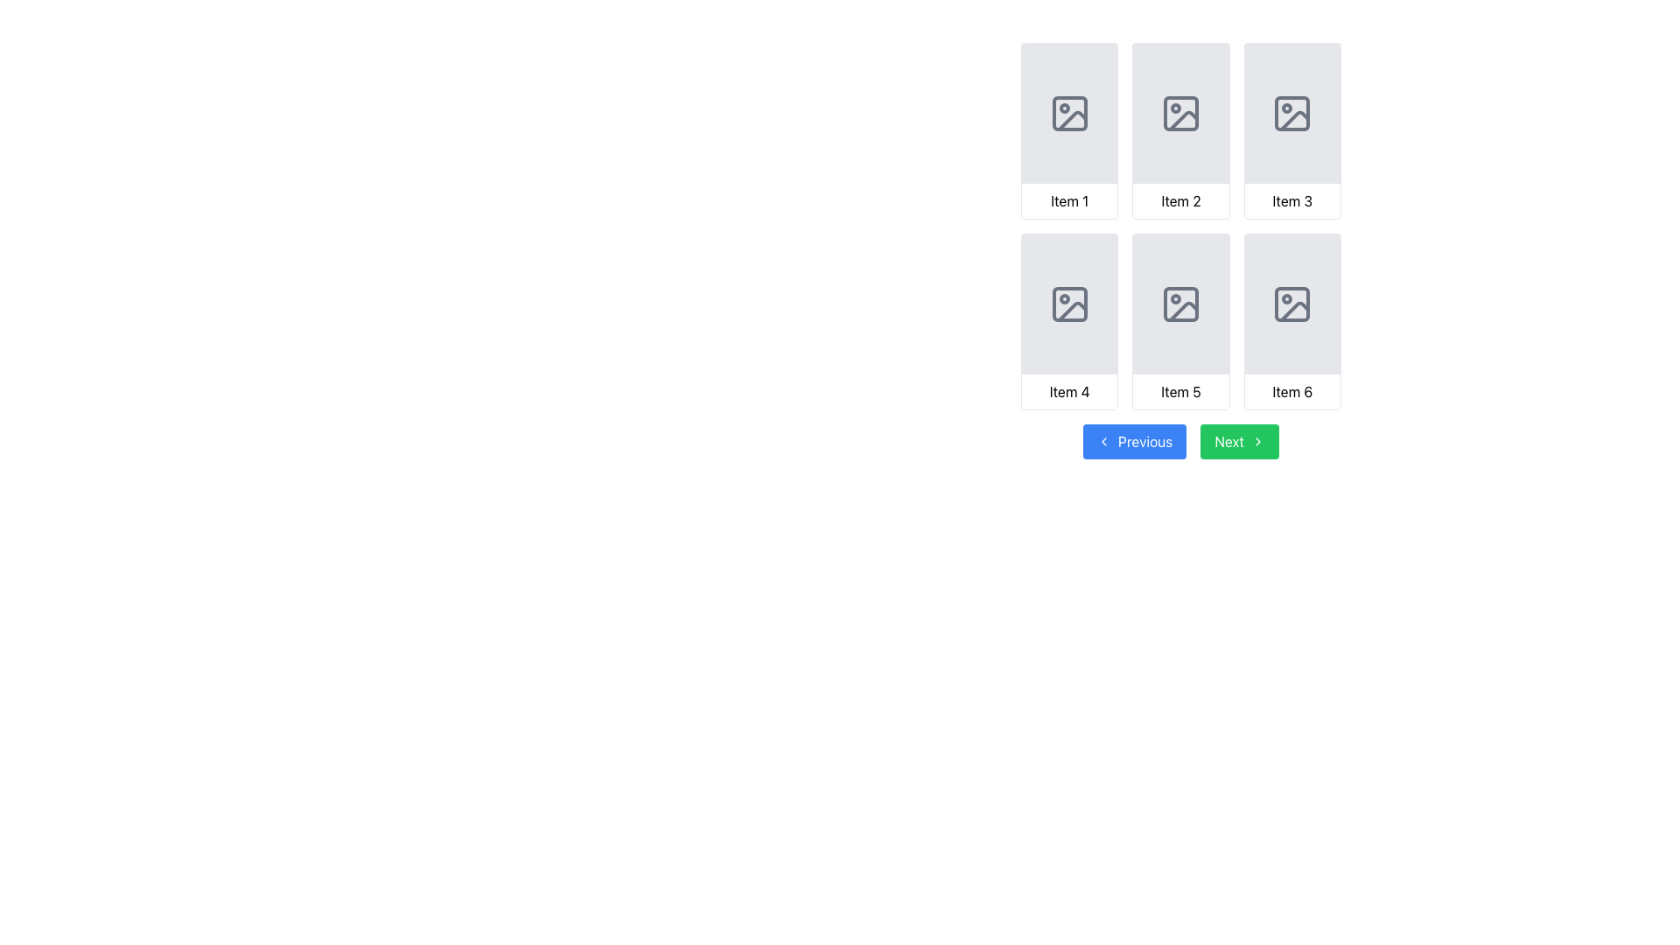  Describe the element at coordinates (1292, 303) in the screenshot. I see `the main content box of the sixth item in the grid layout, located above the text label 'Item 6', from its current position` at that location.